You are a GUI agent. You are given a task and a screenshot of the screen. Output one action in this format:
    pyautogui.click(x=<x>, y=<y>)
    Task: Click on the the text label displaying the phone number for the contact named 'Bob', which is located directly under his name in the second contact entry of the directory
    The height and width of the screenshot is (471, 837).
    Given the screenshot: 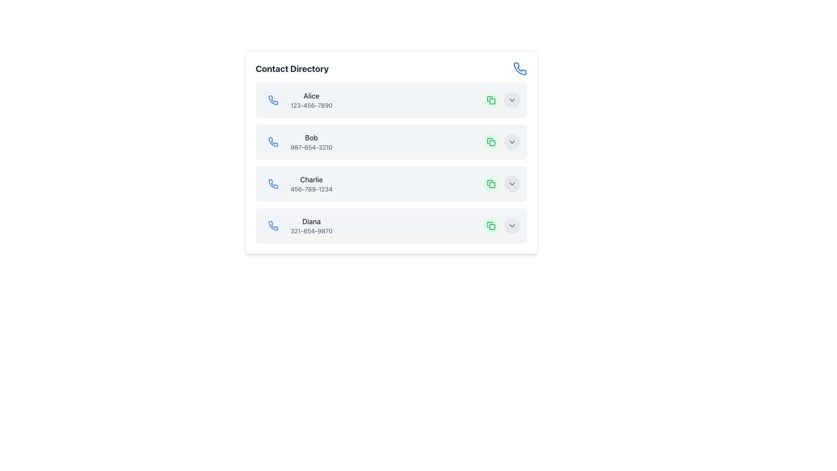 What is the action you would take?
    pyautogui.click(x=311, y=147)
    